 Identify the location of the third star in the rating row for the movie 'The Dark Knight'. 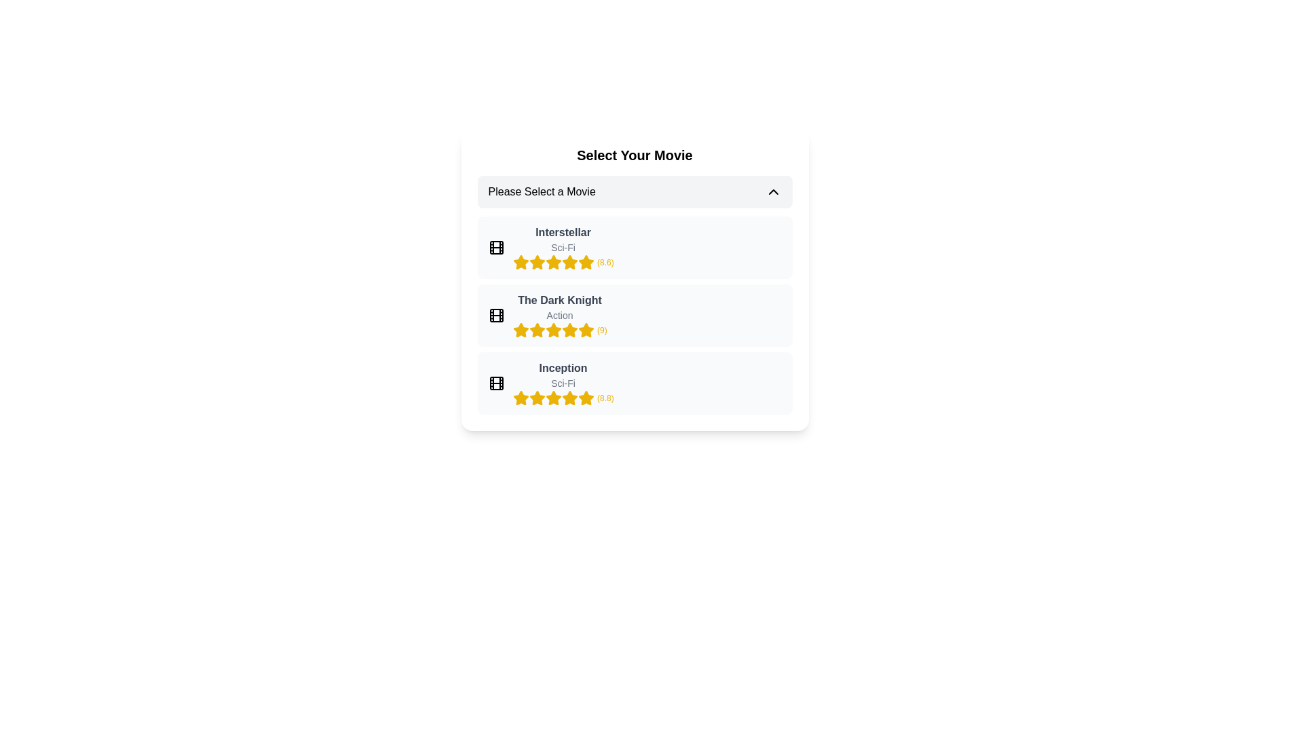
(553, 330).